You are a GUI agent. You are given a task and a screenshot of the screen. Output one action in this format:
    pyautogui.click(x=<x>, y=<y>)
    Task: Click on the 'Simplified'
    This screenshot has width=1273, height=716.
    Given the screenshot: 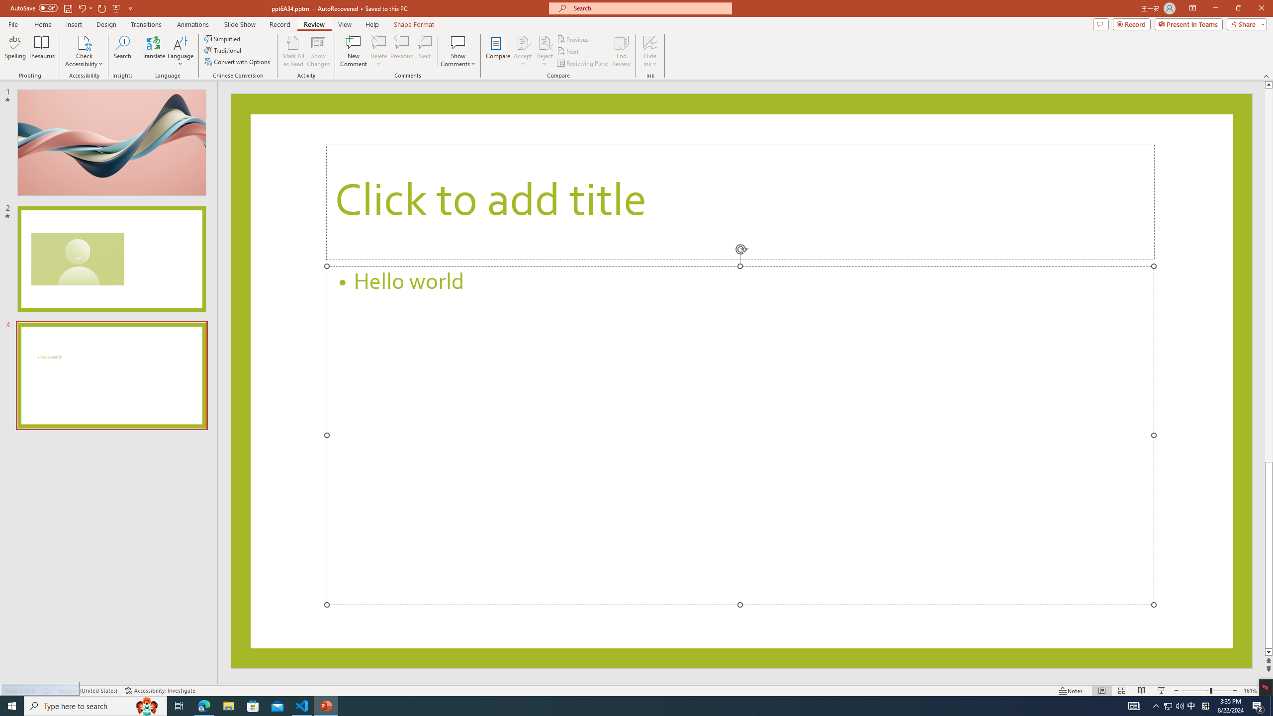 What is the action you would take?
    pyautogui.click(x=223, y=38)
    